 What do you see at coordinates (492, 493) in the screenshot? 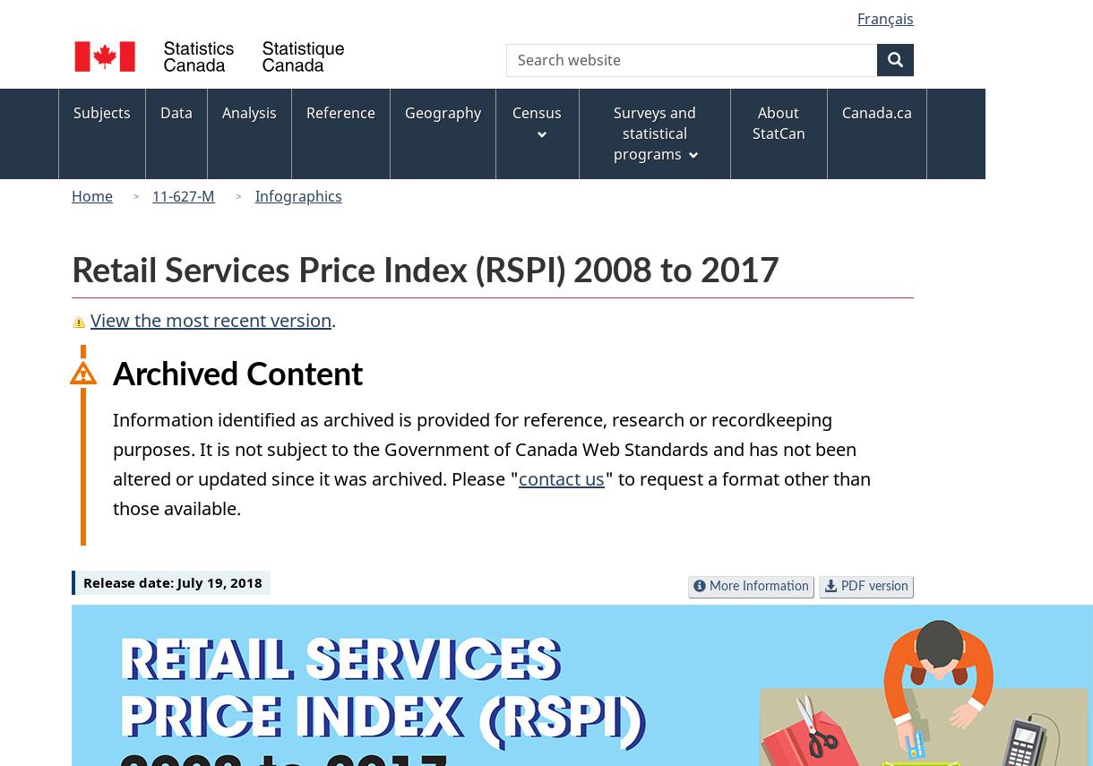
I see `'" to request a format other than those available.'` at bounding box center [492, 493].